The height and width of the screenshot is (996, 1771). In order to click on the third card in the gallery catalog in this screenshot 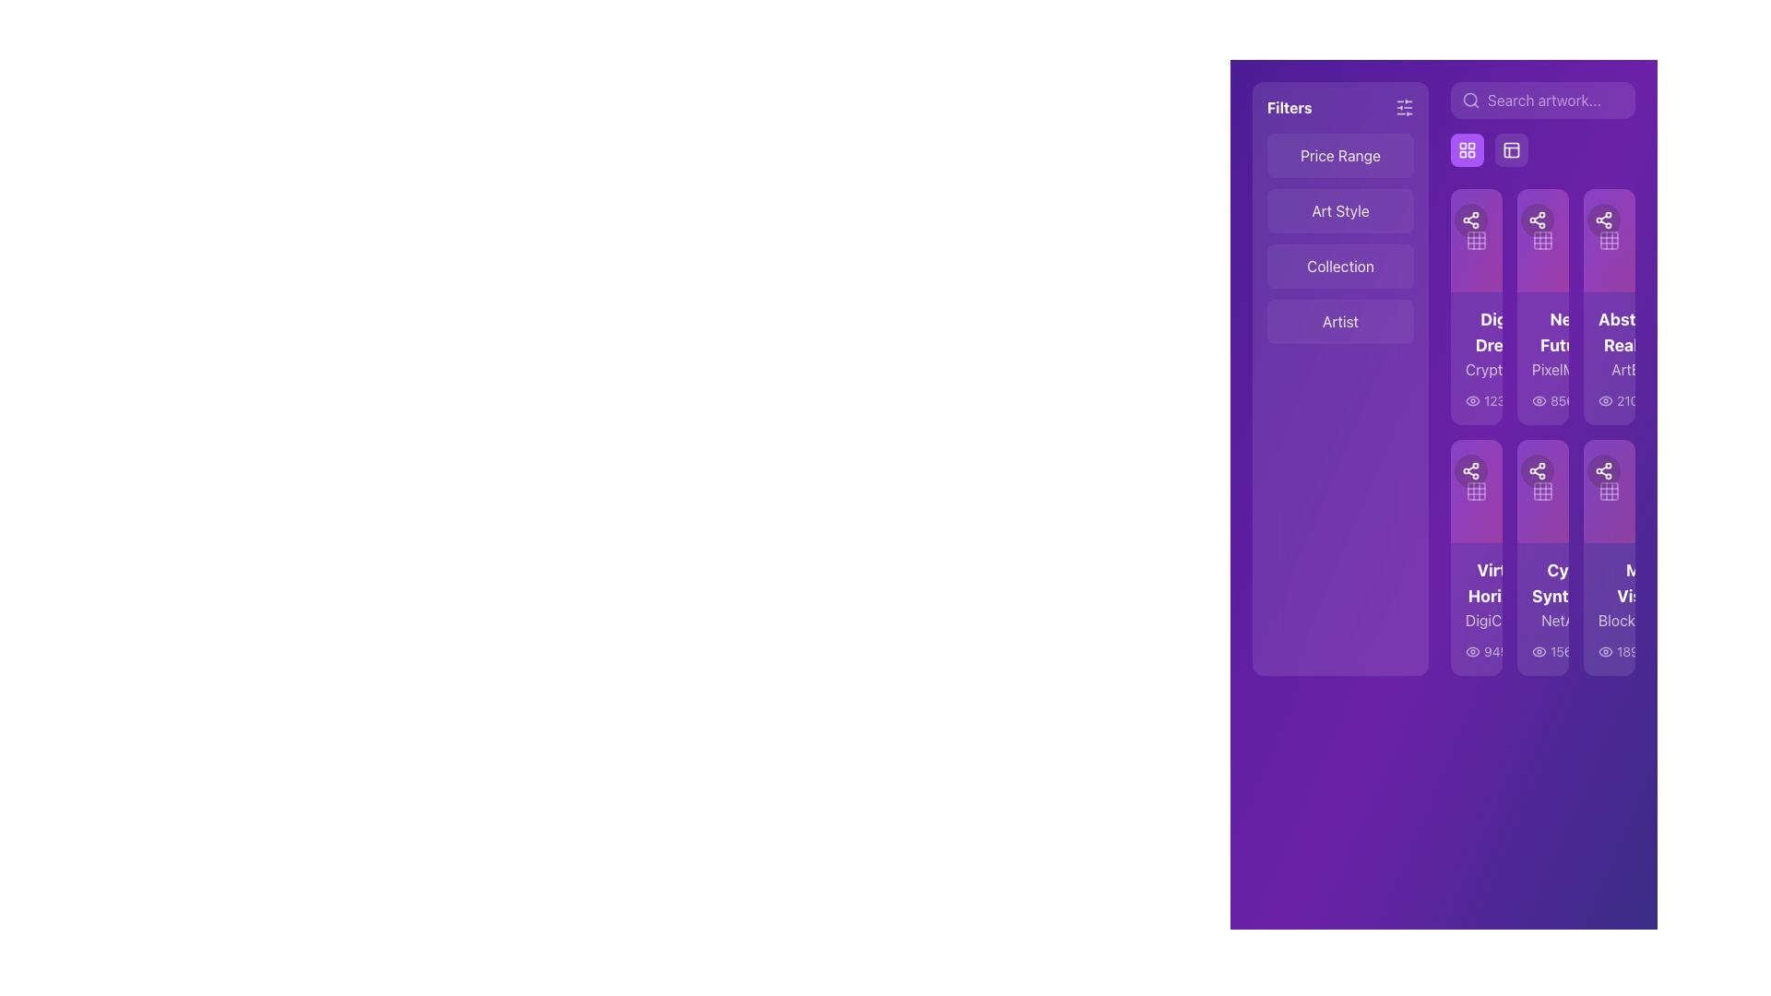, I will do `click(1609, 305)`.